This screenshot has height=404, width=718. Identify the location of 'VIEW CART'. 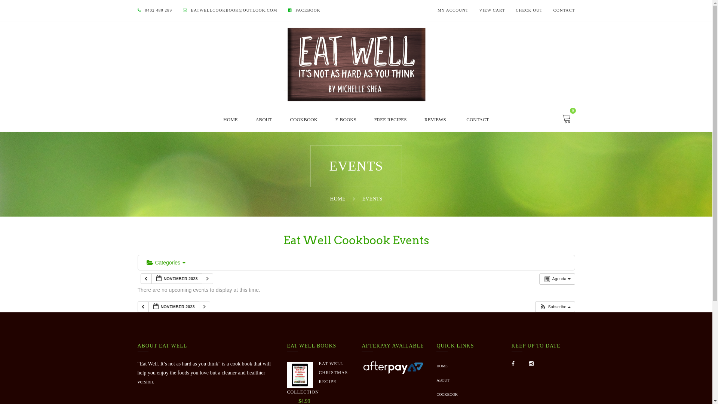
(492, 10).